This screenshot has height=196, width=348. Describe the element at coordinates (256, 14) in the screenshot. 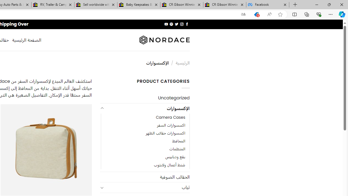

I see `'This site has coupons! Shopping in Microsoft Edge, 5'` at that location.